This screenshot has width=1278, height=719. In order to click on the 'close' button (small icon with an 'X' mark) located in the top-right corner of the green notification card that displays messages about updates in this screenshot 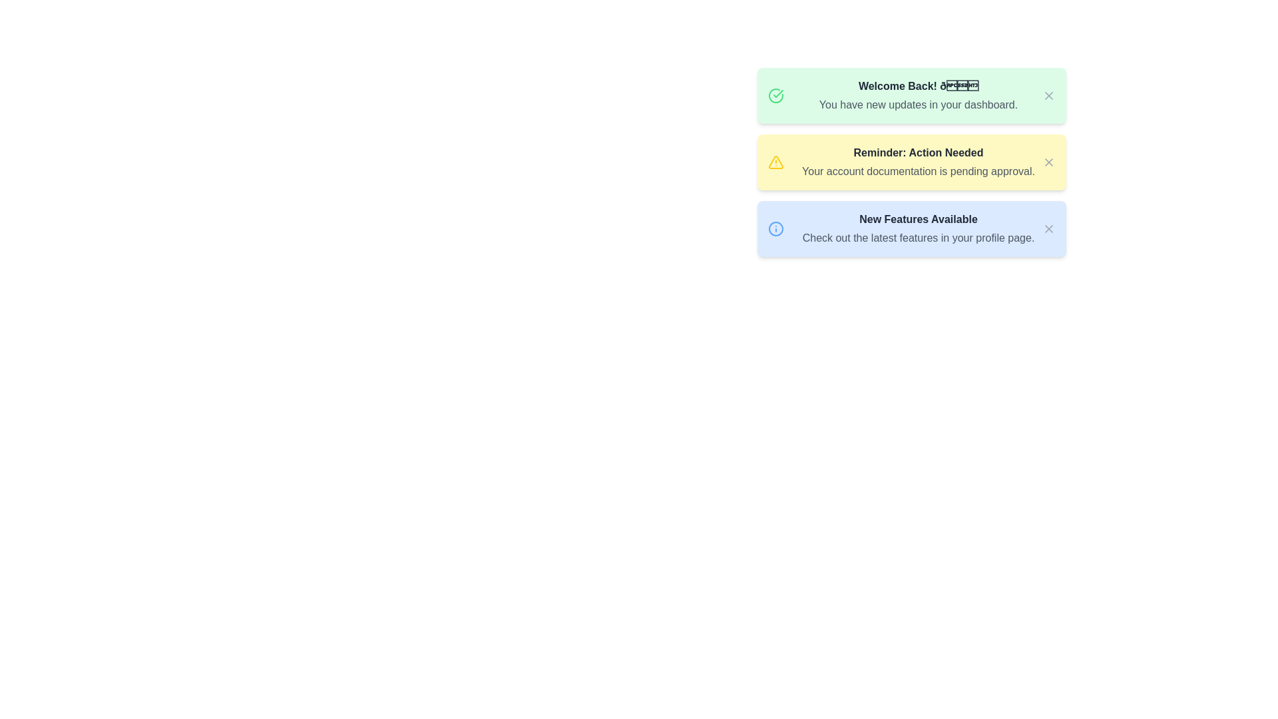, I will do `click(1048, 95)`.